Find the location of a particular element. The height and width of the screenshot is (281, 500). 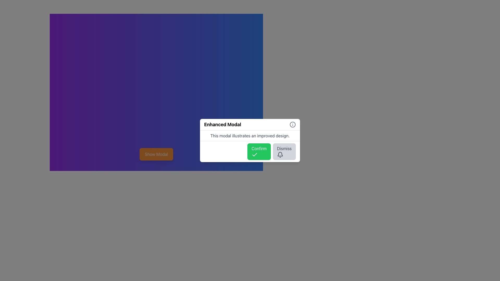

the icon button styled with a circular outline and an information symbol located in the top right corner of the 'Enhanced Modal' is located at coordinates (292, 124).